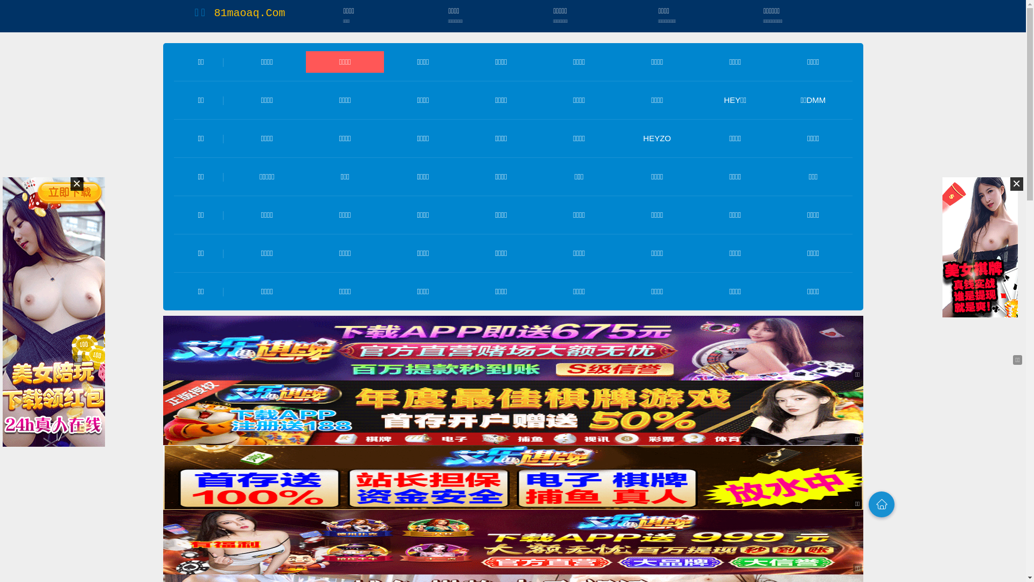 This screenshot has width=1034, height=582. I want to click on '81maoaq.Com', so click(214, 13).